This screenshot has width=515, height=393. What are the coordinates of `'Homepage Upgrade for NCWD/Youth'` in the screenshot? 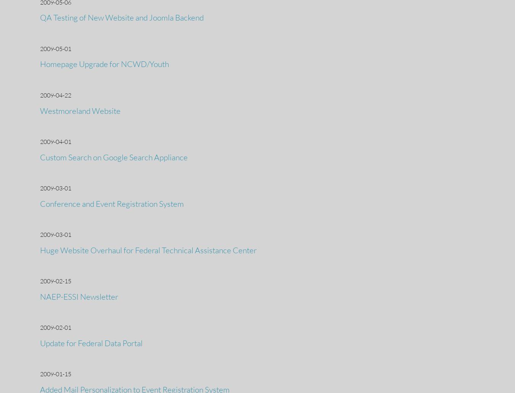 It's located at (104, 64).